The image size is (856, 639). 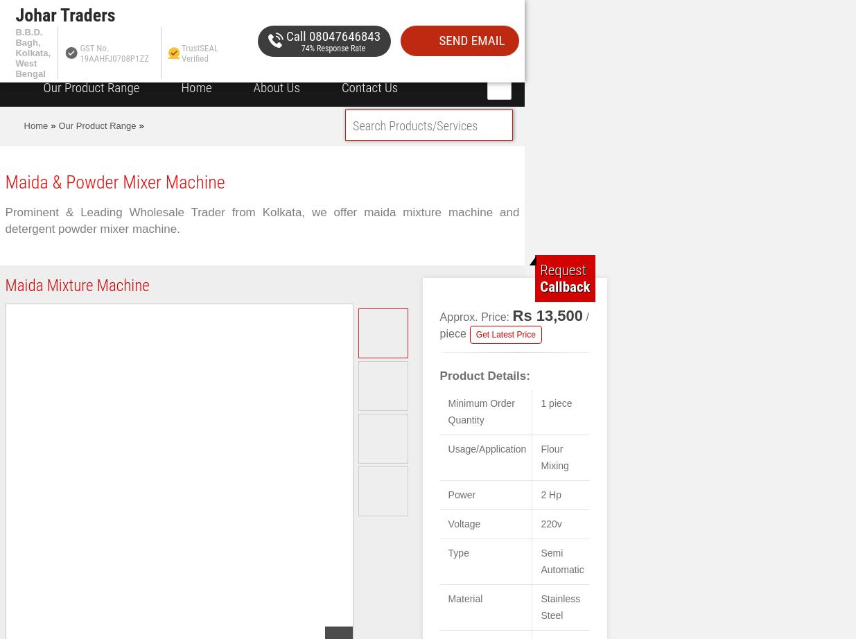 I want to click on 'Voltage', so click(x=464, y=523).